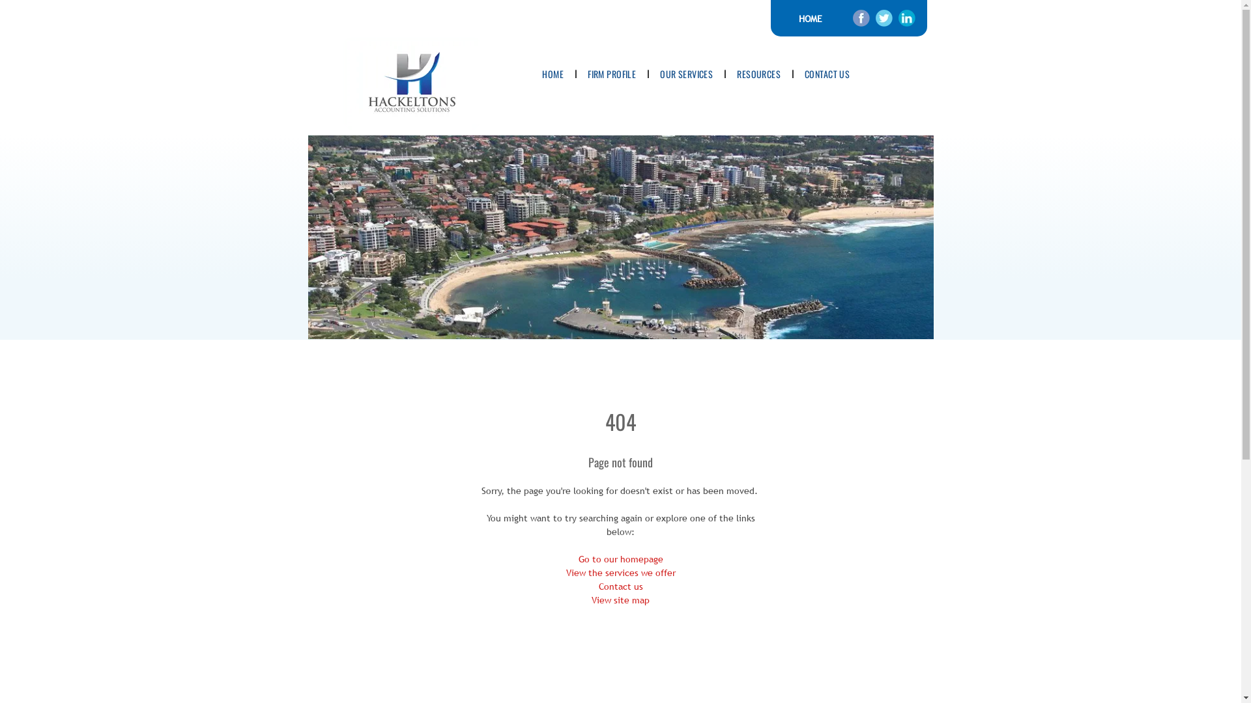 The width and height of the screenshot is (1251, 703). I want to click on 'CONTACT US', so click(826, 74).